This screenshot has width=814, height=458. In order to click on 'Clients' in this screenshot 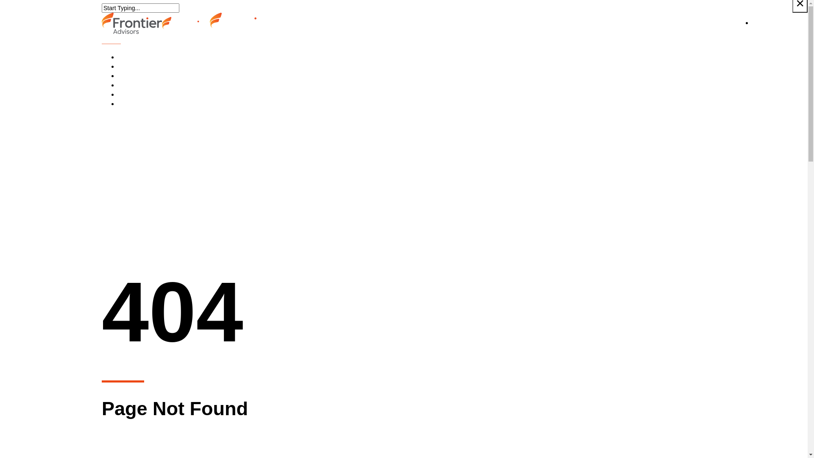, I will do `click(139, 66)`.